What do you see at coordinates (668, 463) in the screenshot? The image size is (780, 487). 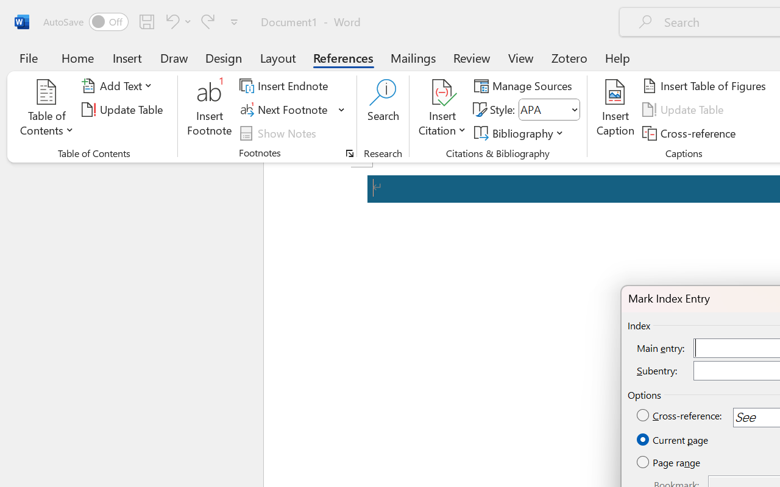 I see `'Page range'` at bounding box center [668, 463].